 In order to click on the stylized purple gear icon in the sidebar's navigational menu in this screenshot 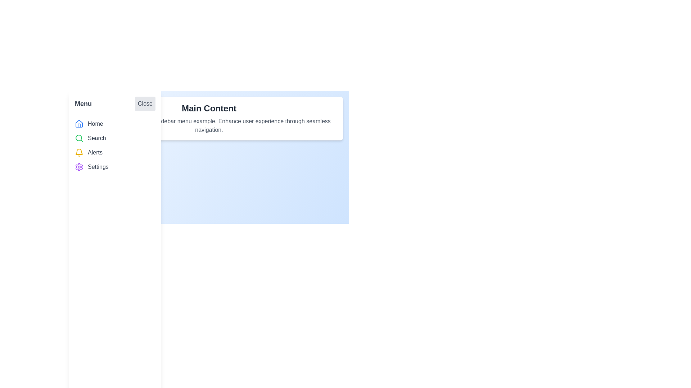, I will do `click(79, 167)`.